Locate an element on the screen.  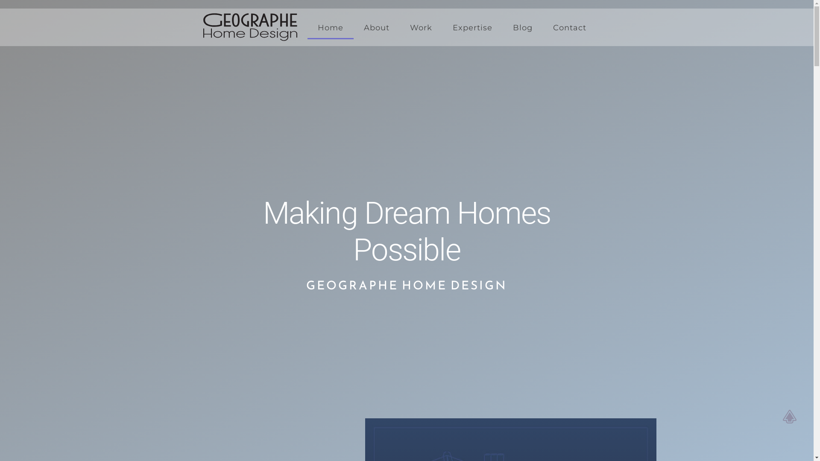
'Work' is located at coordinates (421, 27).